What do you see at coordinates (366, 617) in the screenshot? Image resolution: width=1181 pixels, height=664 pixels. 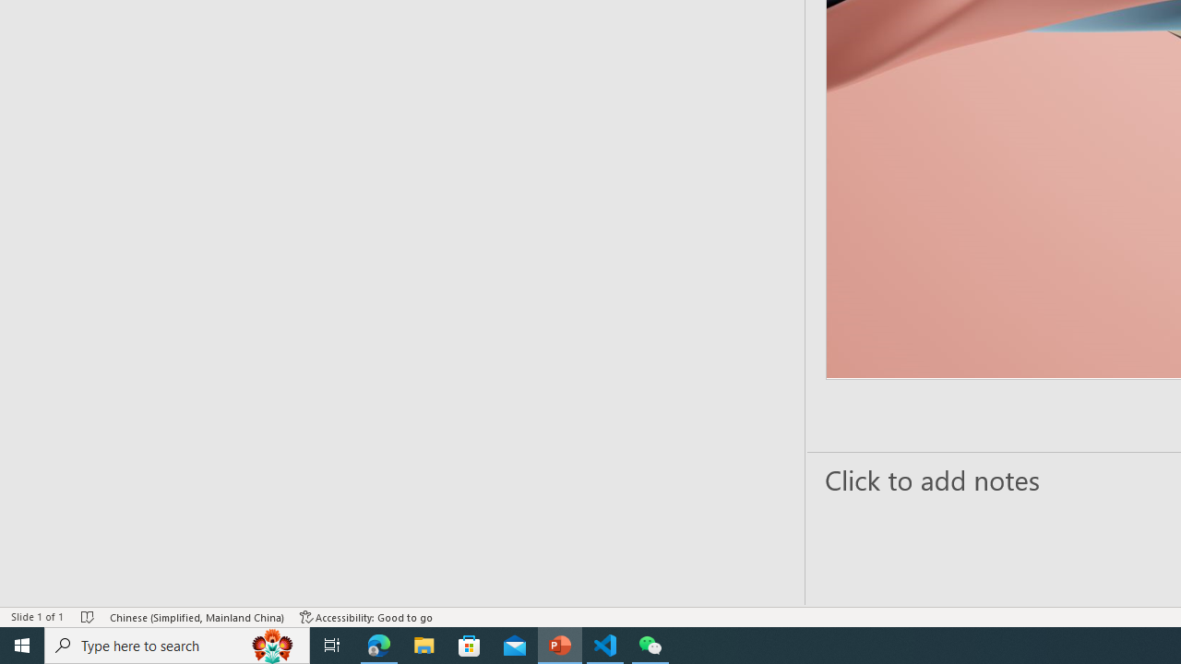 I see `'Accessibility Checker Accessibility: Good to go'` at bounding box center [366, 617].